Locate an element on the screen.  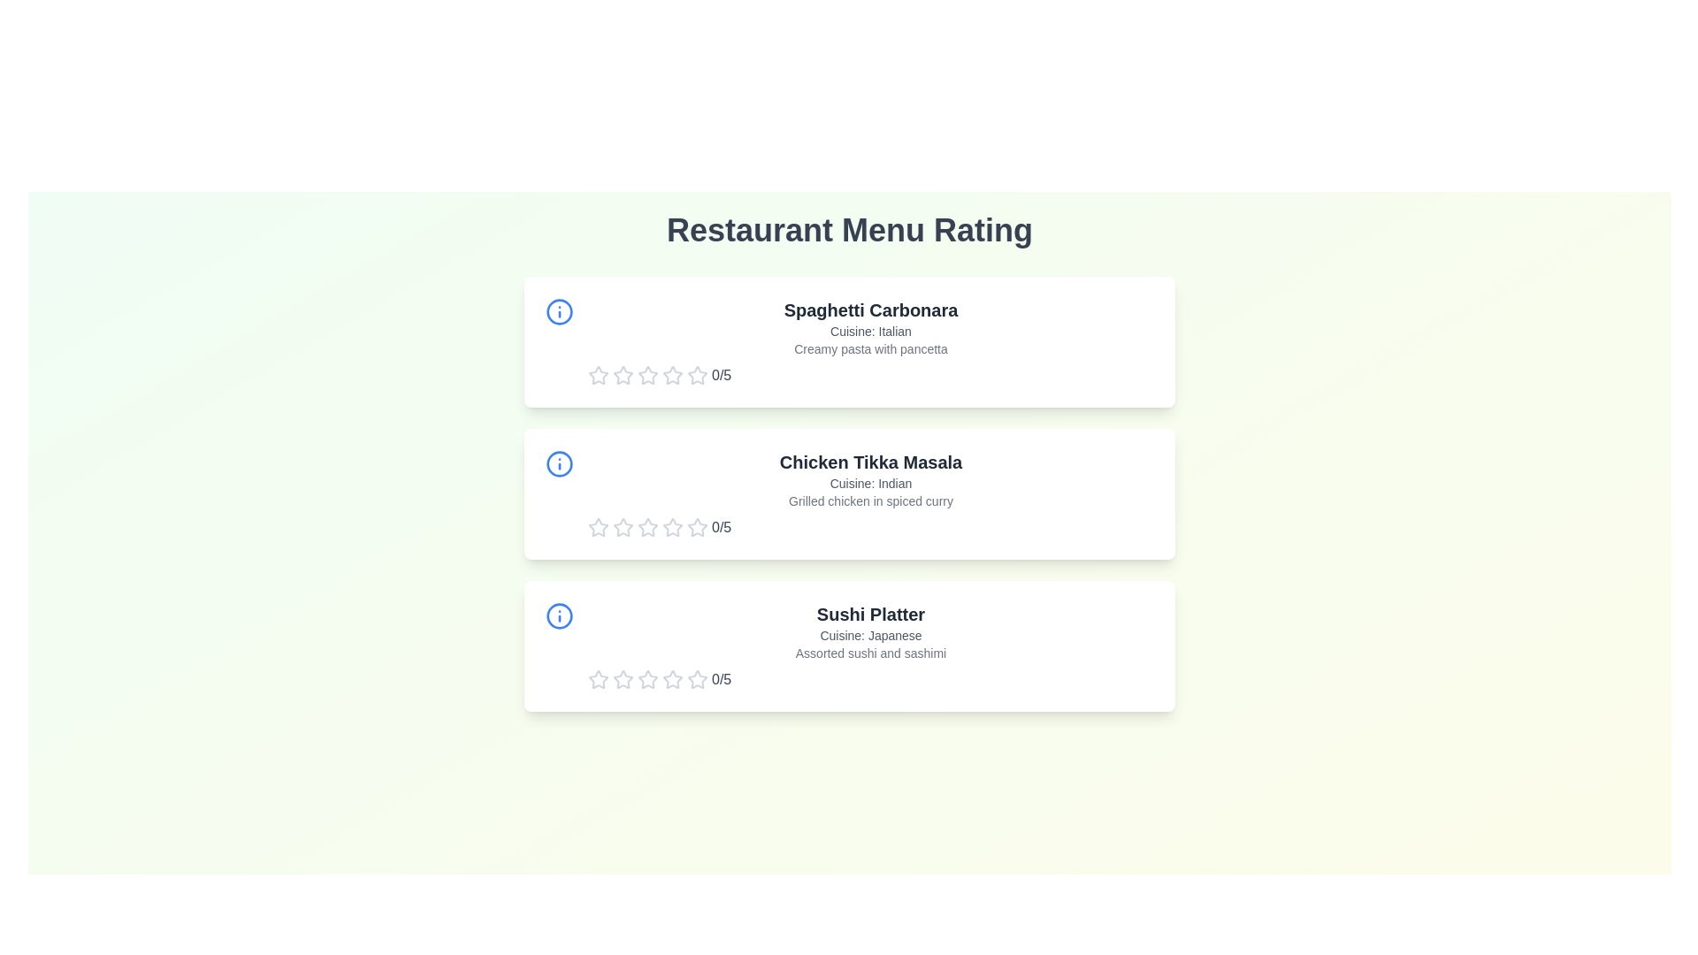
the information icon for the menu item Chicken Tikka Masala is located at coordinates (559, 462).